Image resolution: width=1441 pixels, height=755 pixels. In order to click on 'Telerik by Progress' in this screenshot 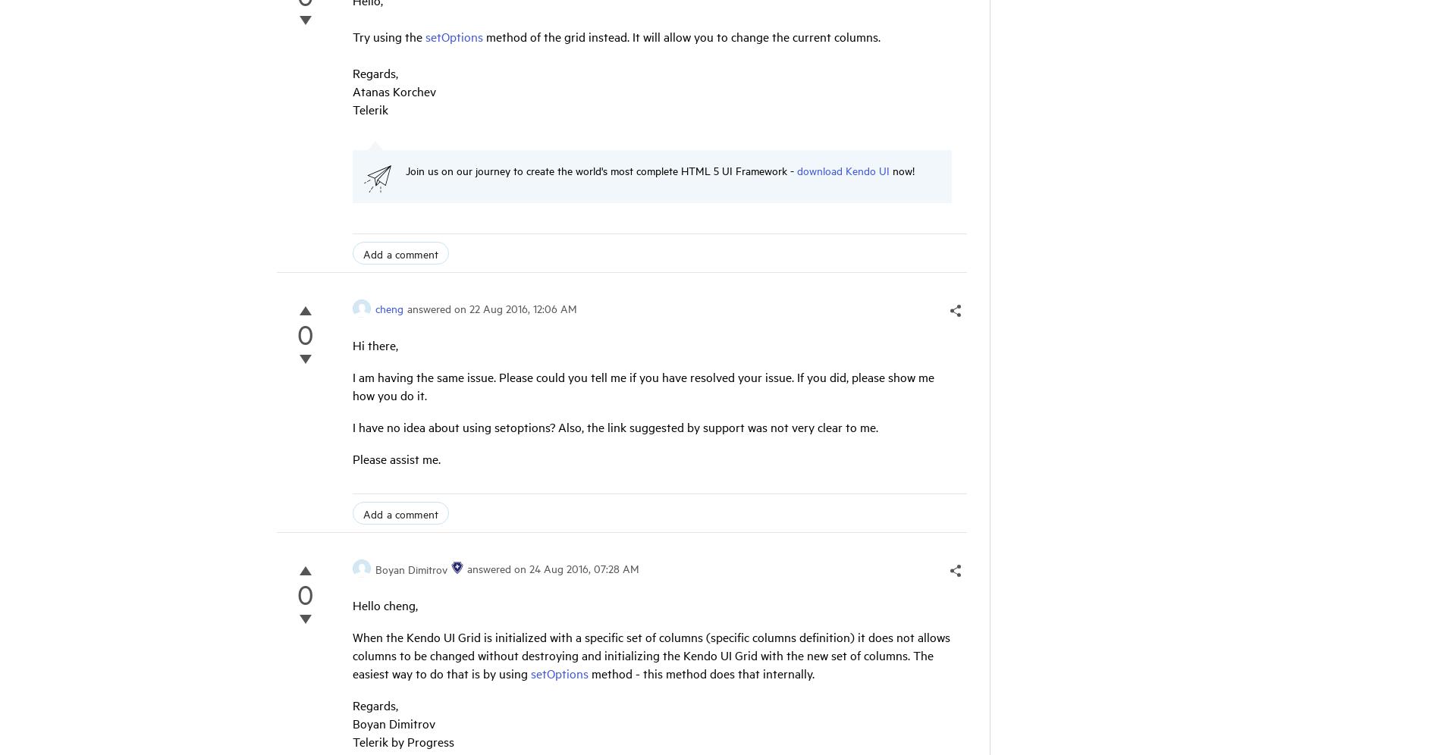, I will do `click(351, 740)`.